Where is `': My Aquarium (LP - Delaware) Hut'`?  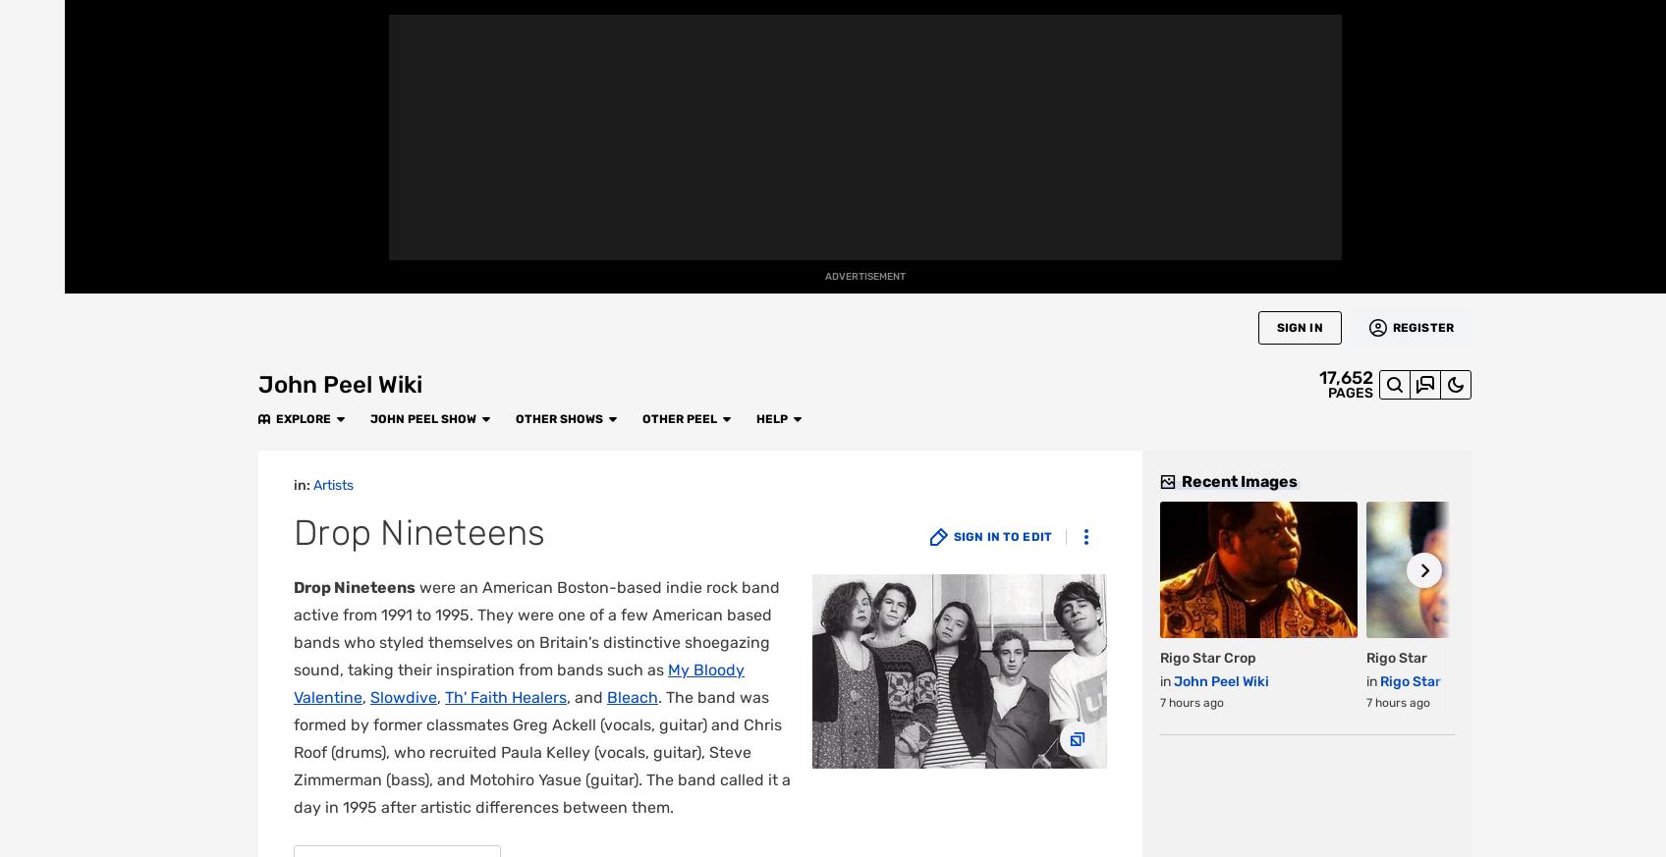 ': My Aquarium (LP - Delaware) Hut' is located at coordinates (646, 490).